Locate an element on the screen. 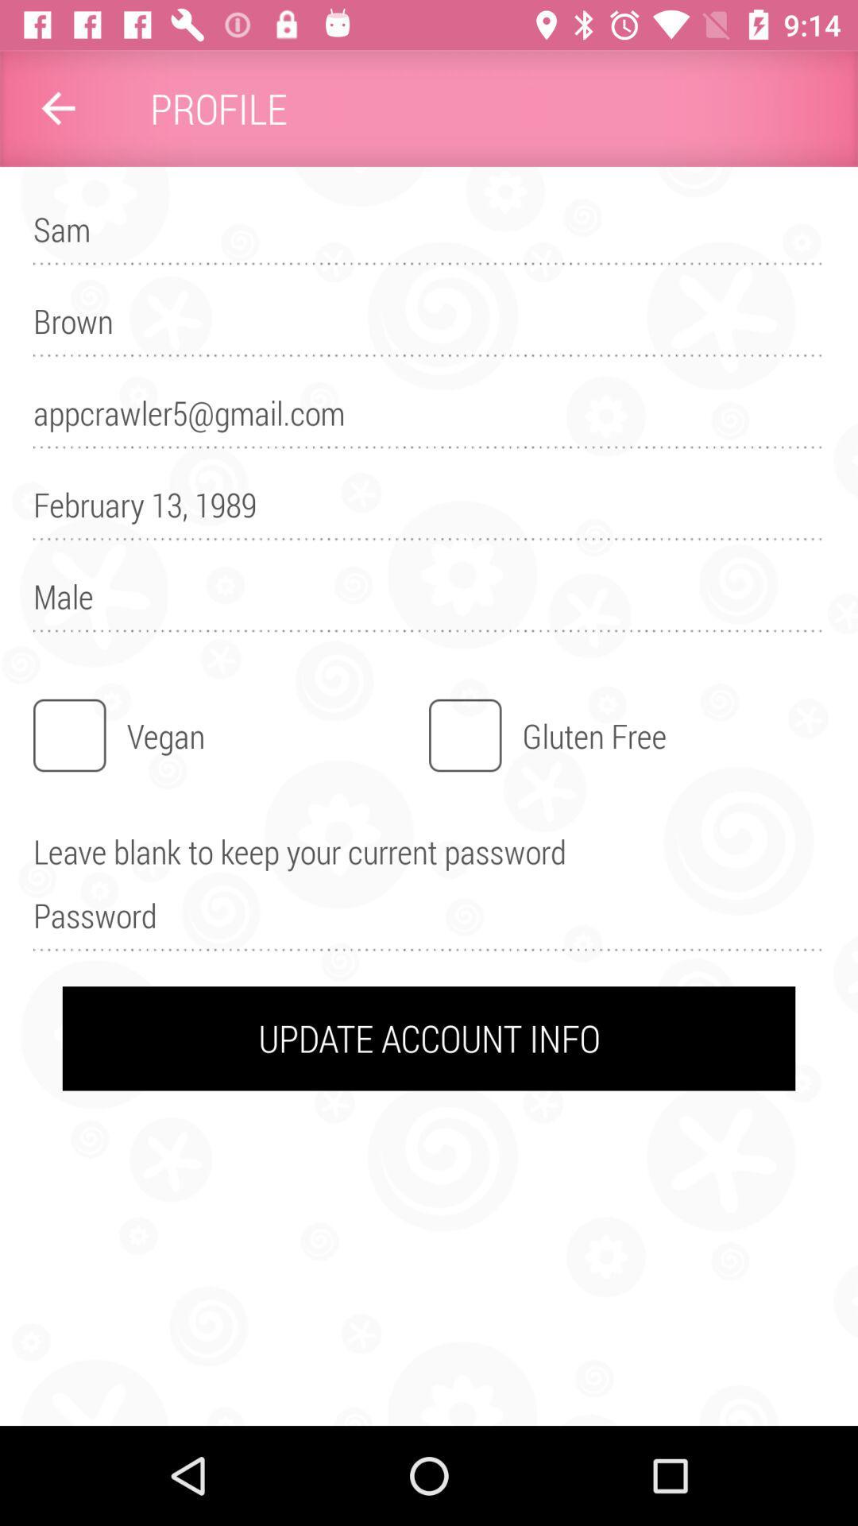  item next to the profile app is located at coordinates (57, 107).